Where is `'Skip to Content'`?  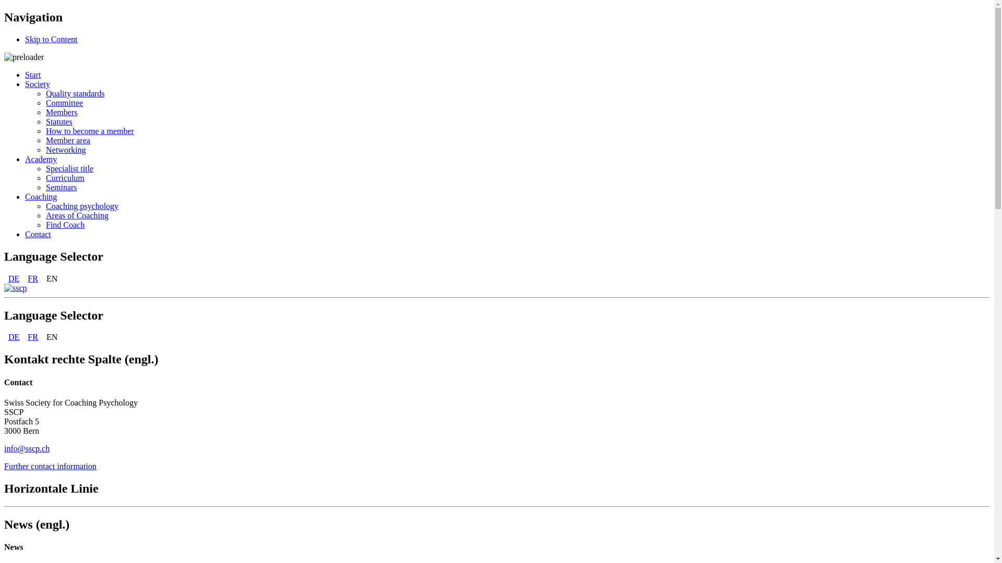
'Skip to Content' is located at coordinates (50, 39).